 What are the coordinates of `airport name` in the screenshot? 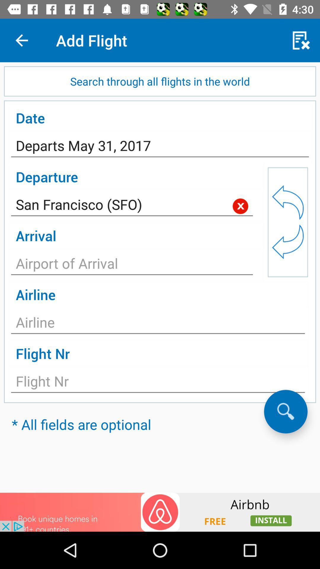 It's located at (132, 265).